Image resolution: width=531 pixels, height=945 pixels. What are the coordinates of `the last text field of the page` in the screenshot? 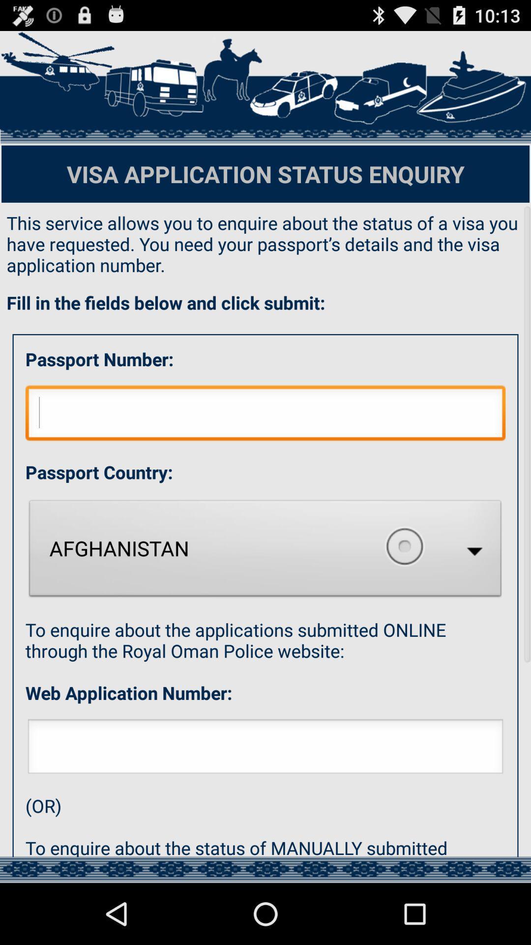 It's located at (265, 749).